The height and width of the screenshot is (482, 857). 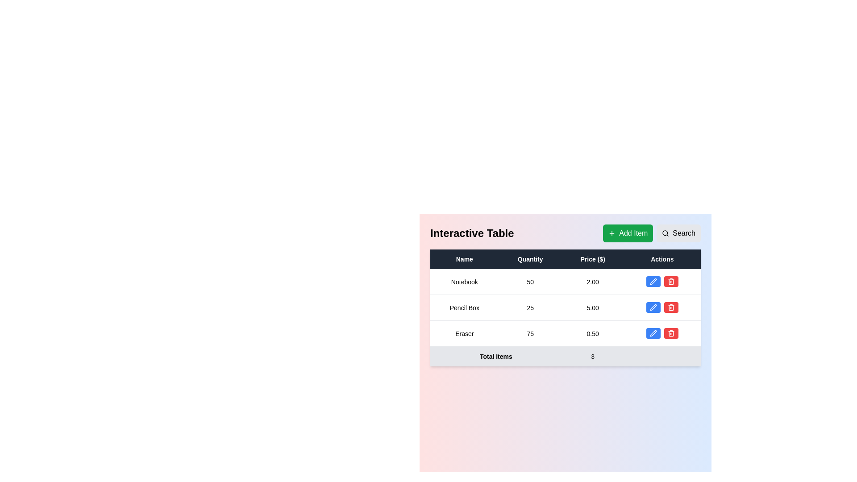 What do you see at coordinates (628, 233) in the screenshot?
I see `the first interactive button to the left of the 'Search' button` at bounding box center [628, 233].